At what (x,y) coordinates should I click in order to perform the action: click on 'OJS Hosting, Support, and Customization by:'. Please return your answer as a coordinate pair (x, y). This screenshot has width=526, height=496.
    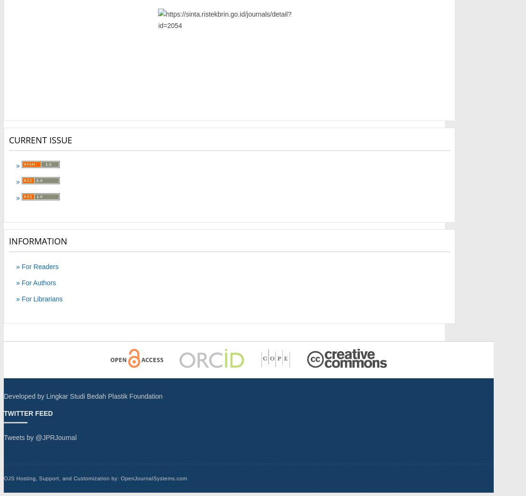
    Looking at the image, I should click on (62, 477).